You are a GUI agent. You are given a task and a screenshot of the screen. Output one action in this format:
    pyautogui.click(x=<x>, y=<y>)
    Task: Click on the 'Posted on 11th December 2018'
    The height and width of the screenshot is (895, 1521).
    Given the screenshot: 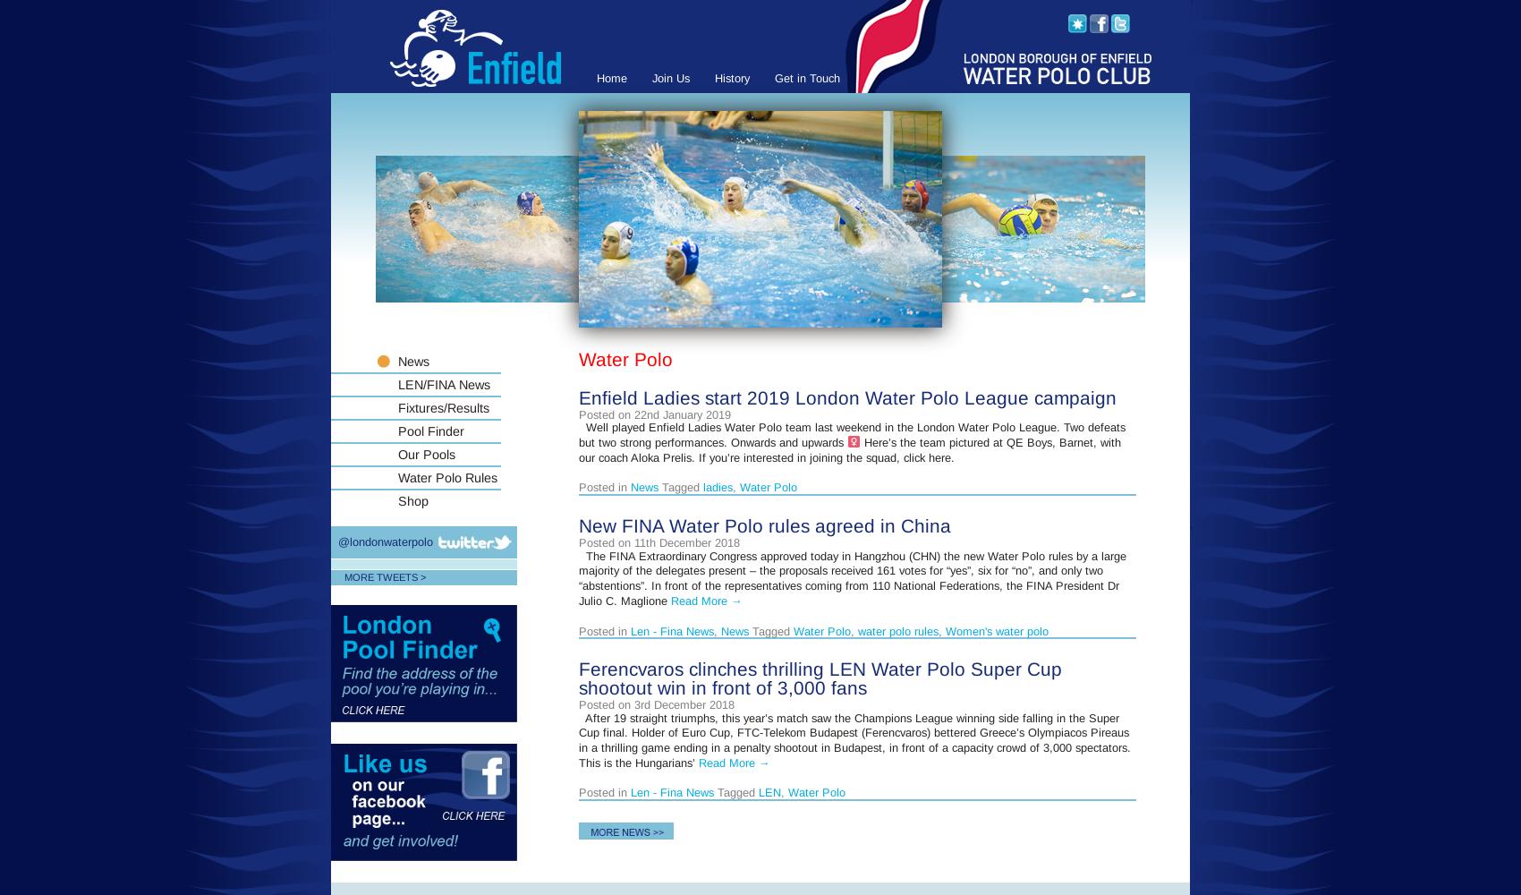 What is the action you would take?
    pyautogui.click(x=659, y=541)
    